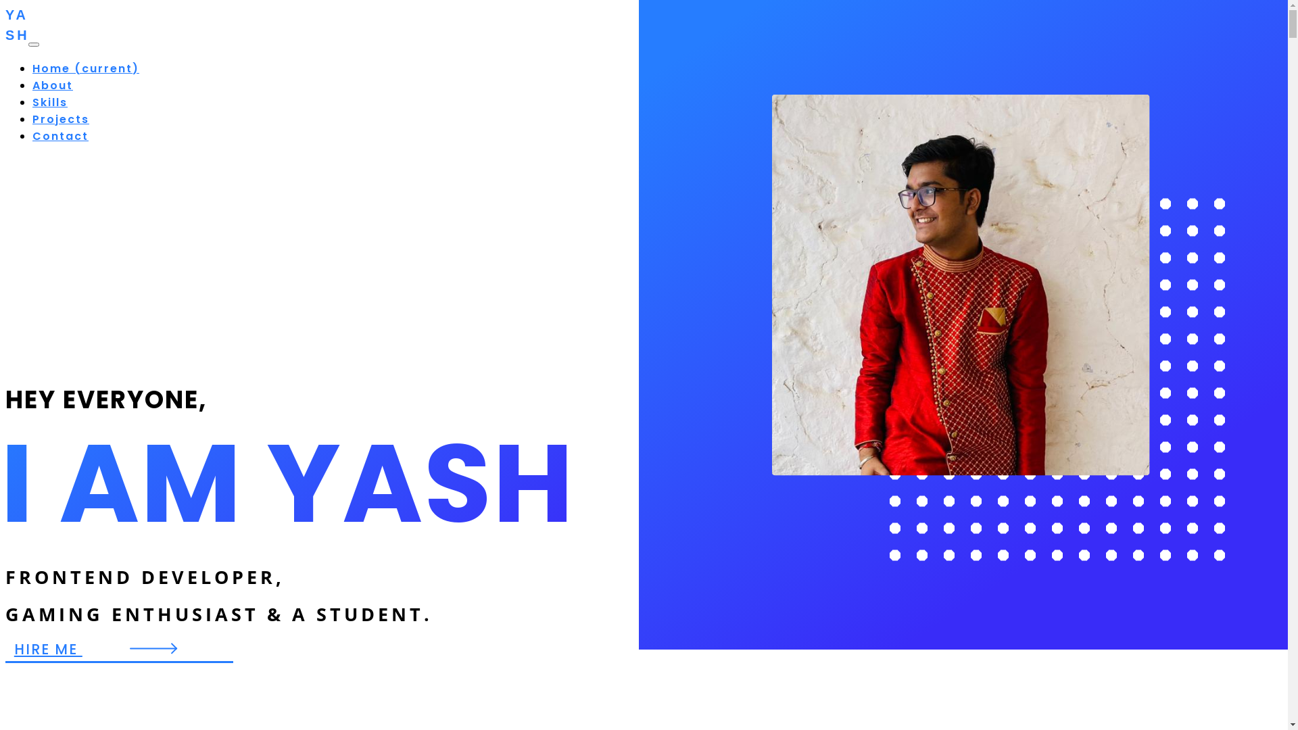  What do you see at coordinates (59, 136) in the screenshot?
I see `'Contact'` at bounding box center [59, 136].